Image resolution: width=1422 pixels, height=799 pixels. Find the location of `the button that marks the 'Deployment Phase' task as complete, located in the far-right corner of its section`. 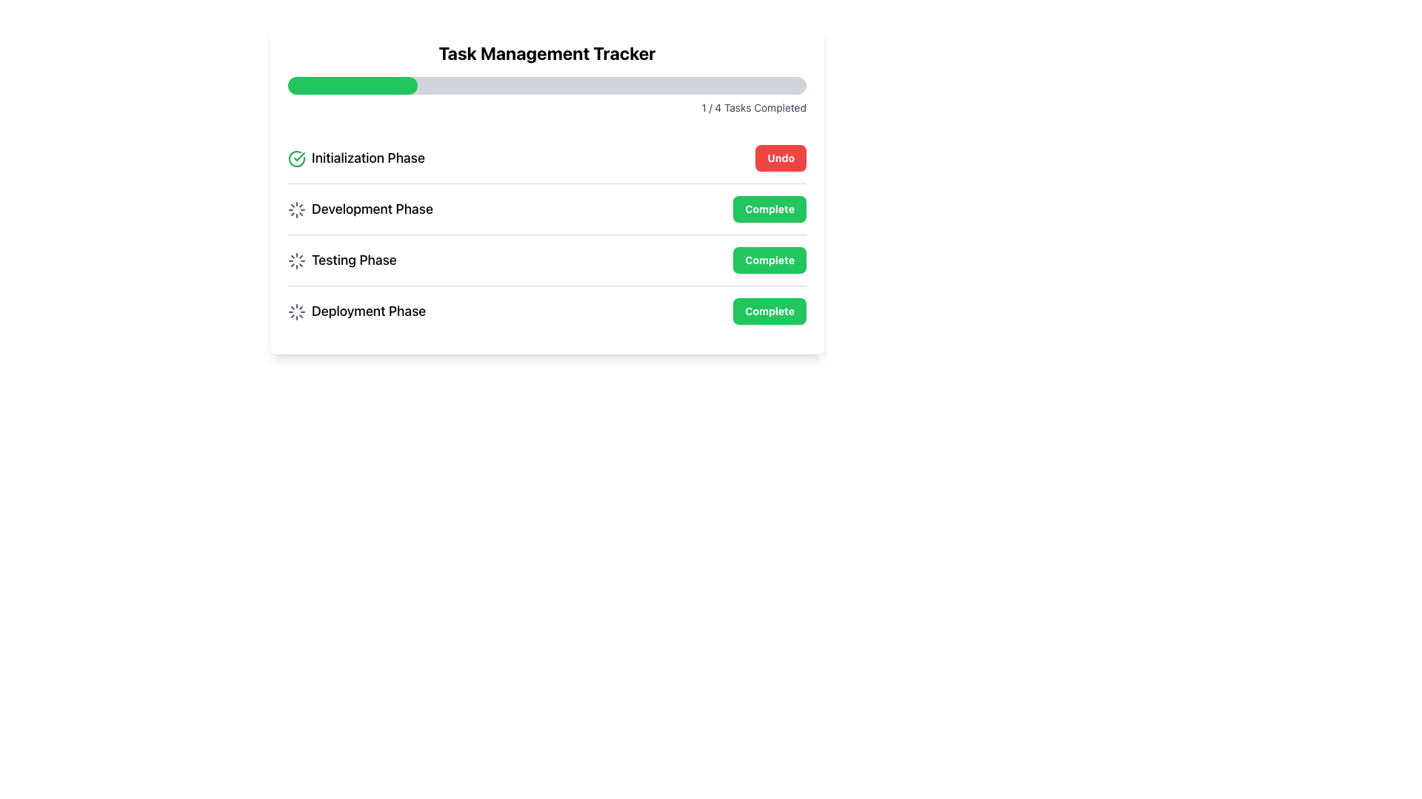

the button that marks the 'Deployment Phase' task as complete, located in the far-right corner of its section is located at coordinates (770, 310).